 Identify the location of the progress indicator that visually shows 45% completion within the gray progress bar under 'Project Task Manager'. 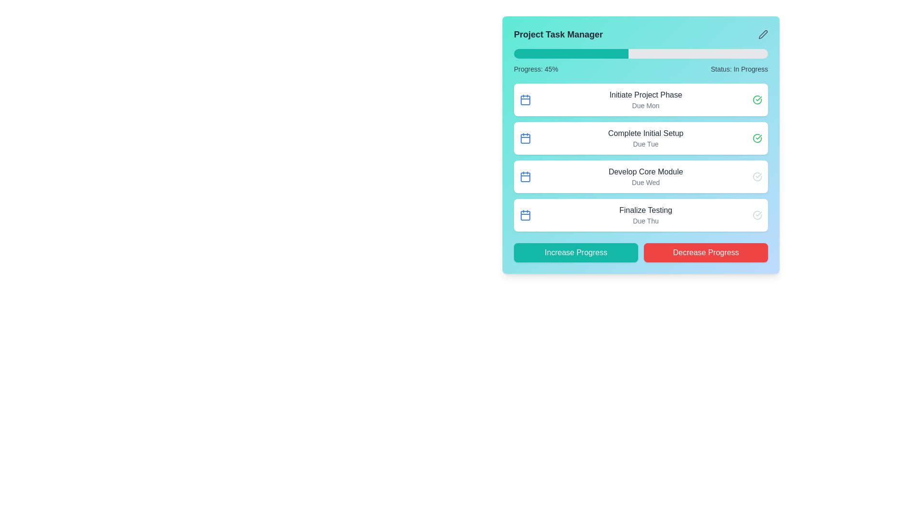
(571, 53).